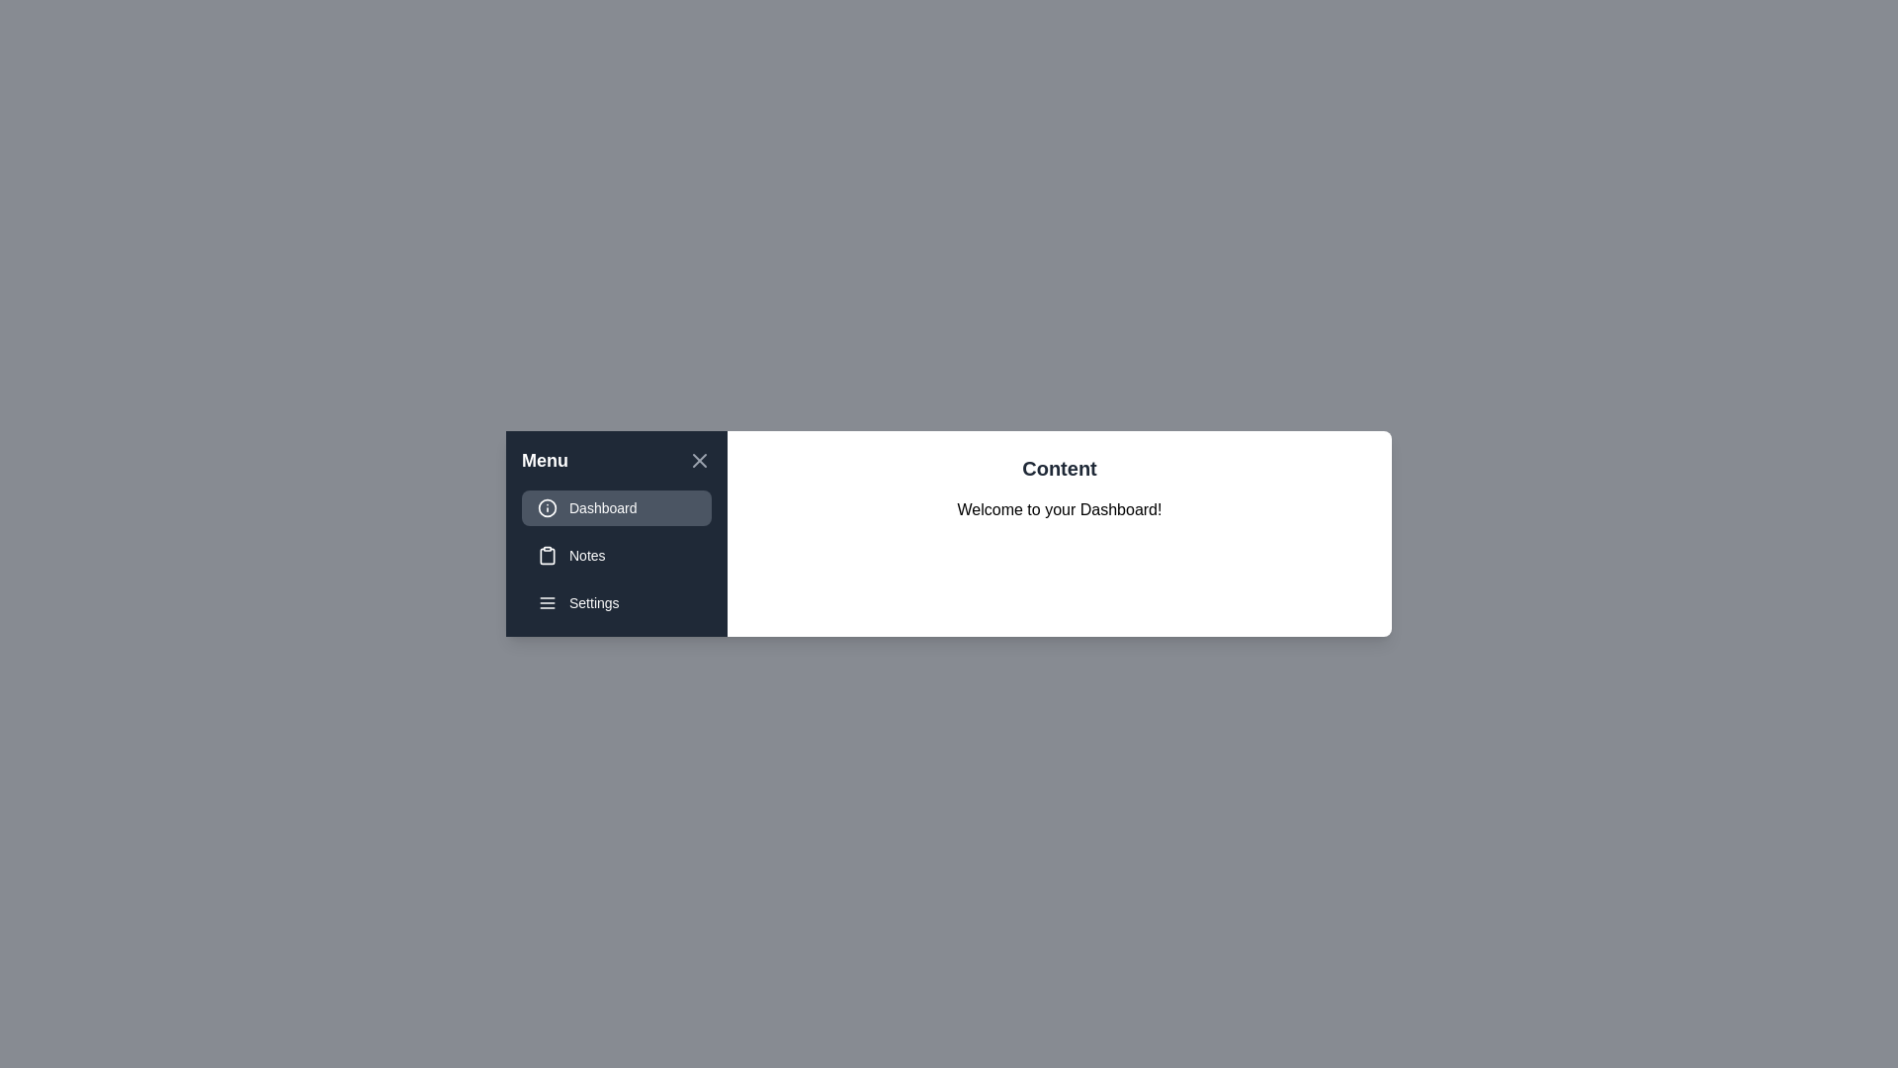  What do you see at coordinates (547, 506) in the screenshot?
I see `the circular icon located next to the 'Dashboard' label in the vertically aligned menu on the left side of the interface` at bounding box center [547, 506].